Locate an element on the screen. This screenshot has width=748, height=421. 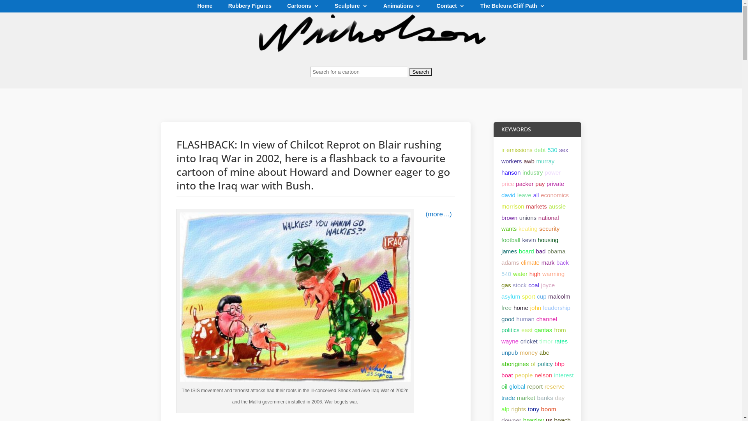
'human' is located at coordinates (525, 319).